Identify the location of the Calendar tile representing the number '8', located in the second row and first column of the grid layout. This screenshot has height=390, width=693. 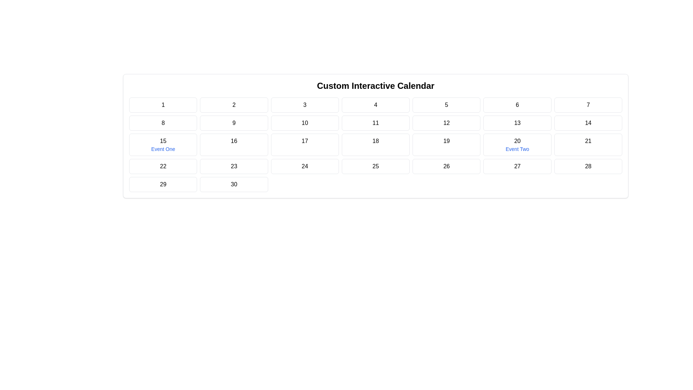
(163, 122).